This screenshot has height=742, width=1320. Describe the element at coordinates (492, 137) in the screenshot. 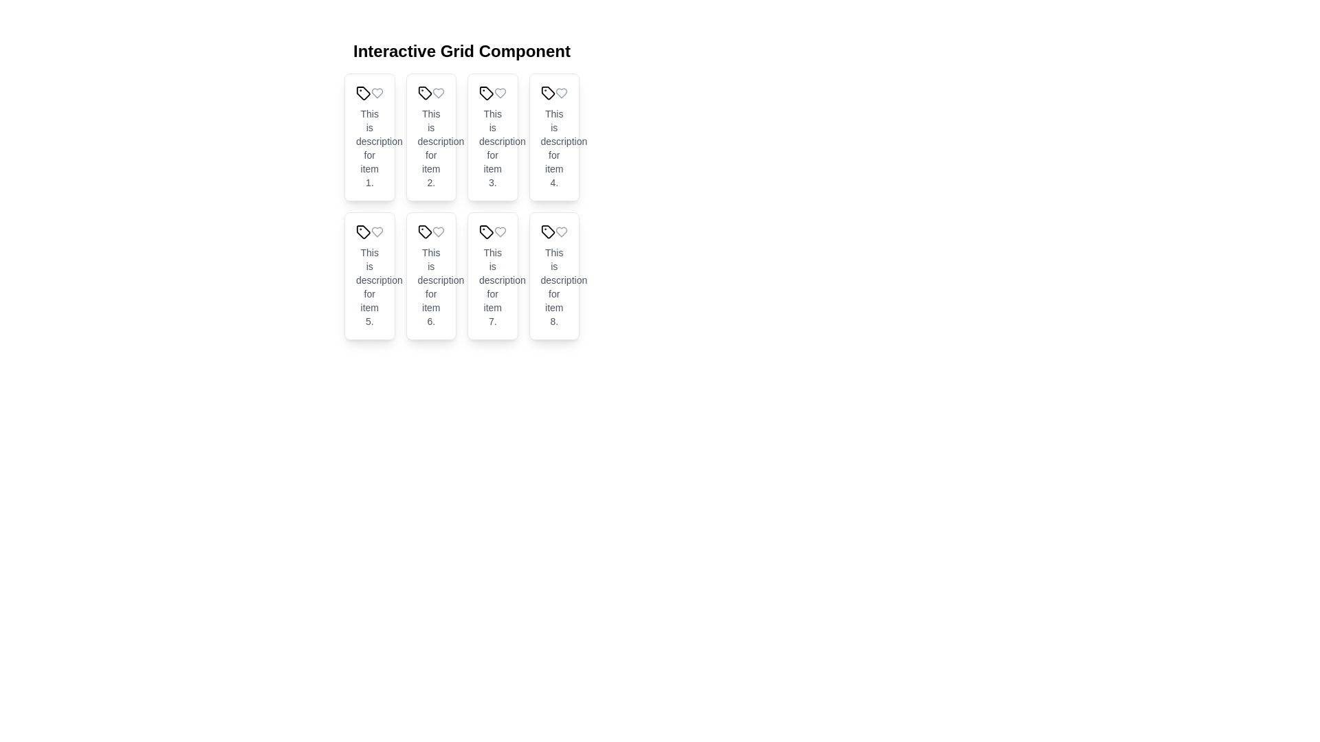

I see `the third tile in the grid layout that contains the text description 'This is description for item 3.'` at that location.